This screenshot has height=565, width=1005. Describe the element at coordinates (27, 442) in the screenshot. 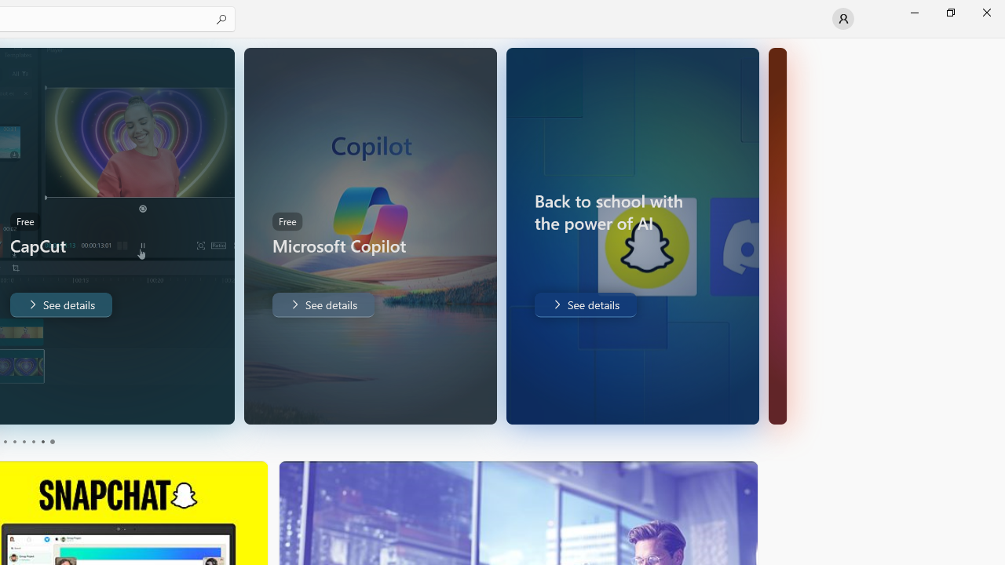

I see `'Pager'` at that location.